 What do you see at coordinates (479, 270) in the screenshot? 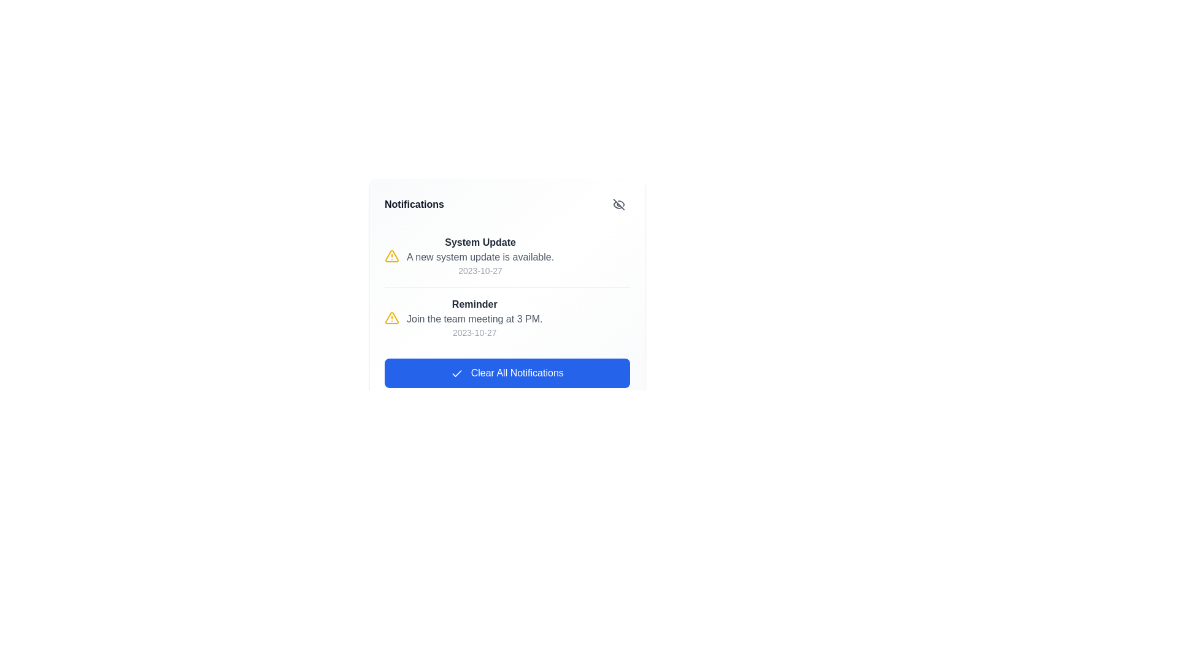
I see `the Text label that displays the date associated with the 'System Update' notification, which is centrally aligned beneath the description text in the notification box` at bounding box center [479, 270].